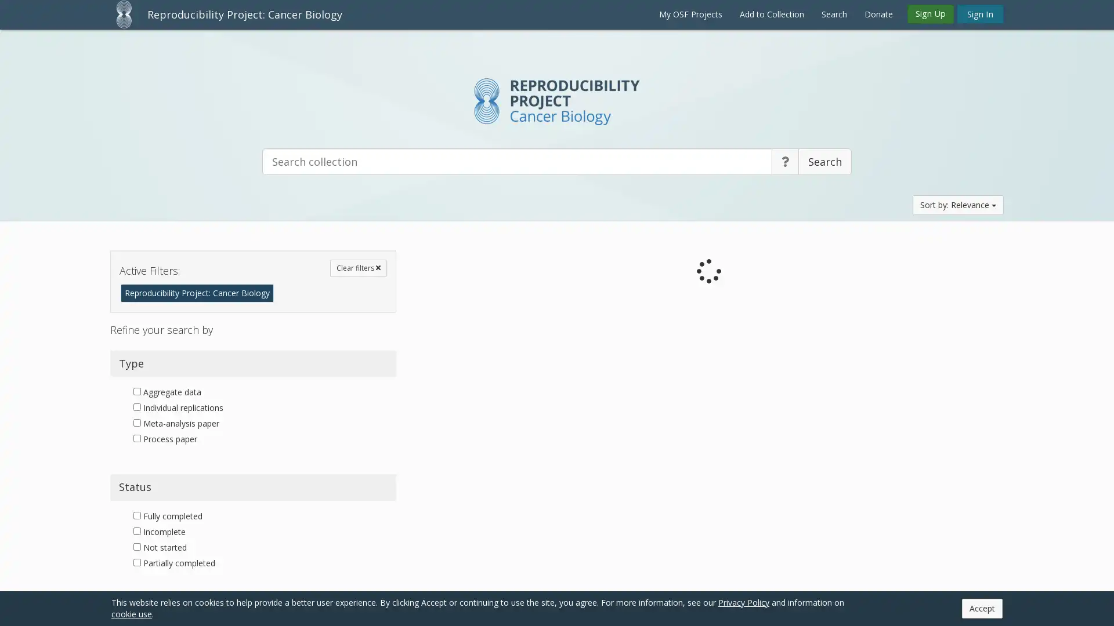 Image resolution: width=1114 pixels, height=626 pixels. I want to click on Search, so click(824, 161).